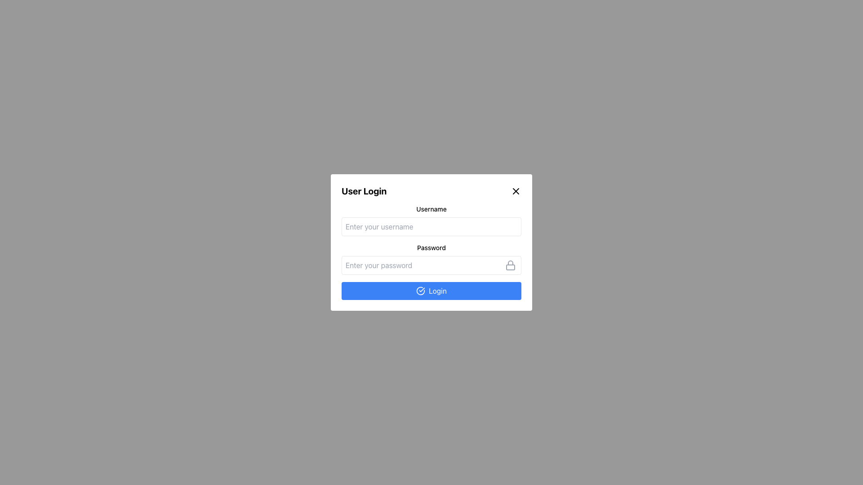 Image resolution: width=863 pixels, height=485 pixels. I want to click on the Submit button located at the bottom of the 'User Login' card to observe the visual change, so click(431, 291).